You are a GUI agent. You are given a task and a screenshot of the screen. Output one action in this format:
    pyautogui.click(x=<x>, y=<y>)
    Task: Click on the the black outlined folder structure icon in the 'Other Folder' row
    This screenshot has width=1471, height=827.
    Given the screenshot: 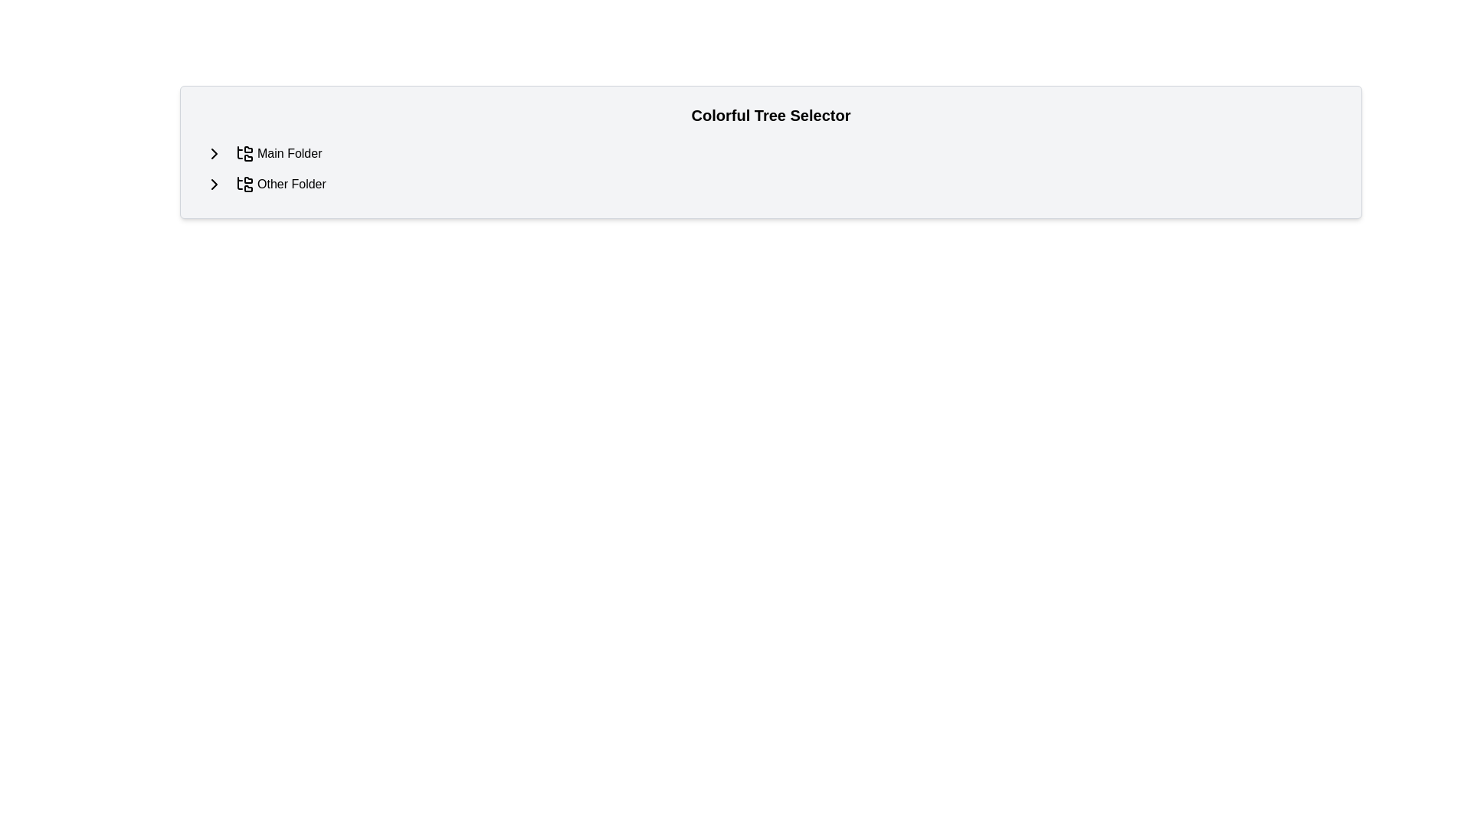 What is the action you would take?
    pyautogui.click(x=245, y=183)
    